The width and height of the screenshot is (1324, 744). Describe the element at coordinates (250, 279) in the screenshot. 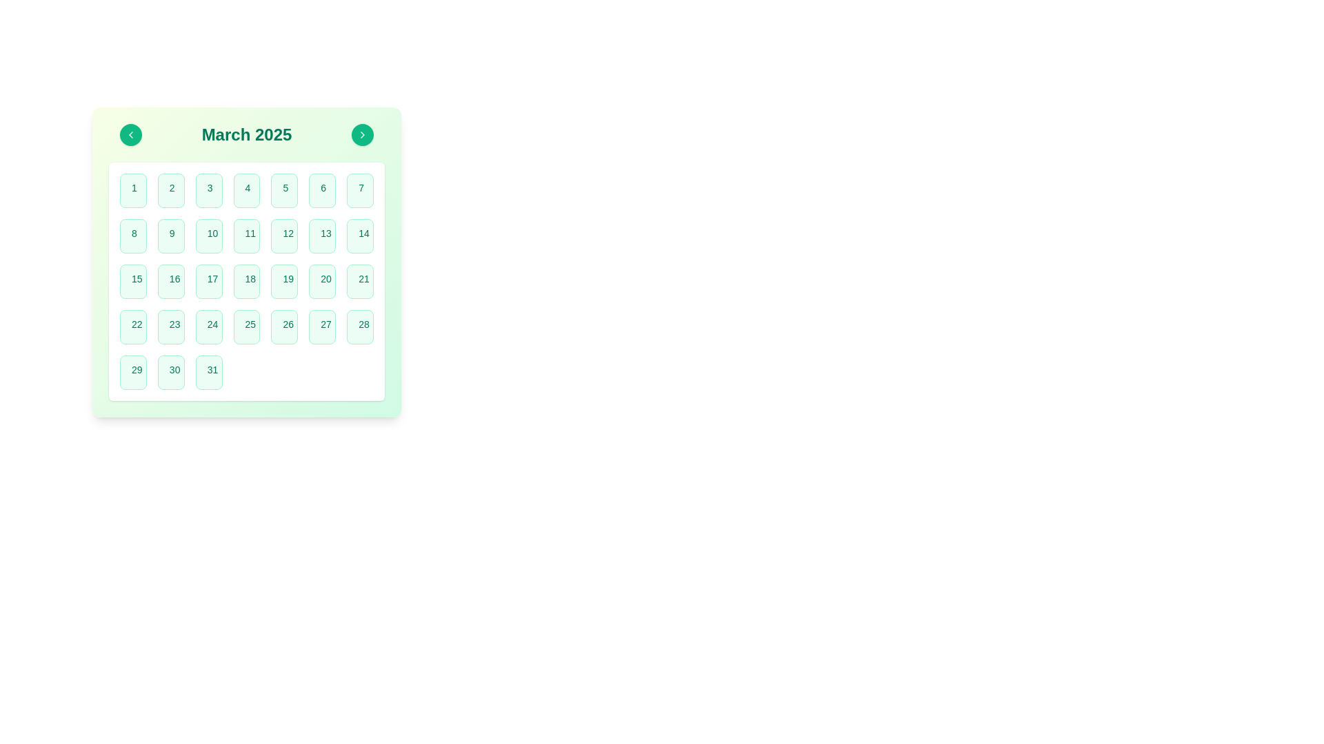

I see `the date label representing March 18, 2025, located in the third row, fourth column of the calendar grid` at that location.